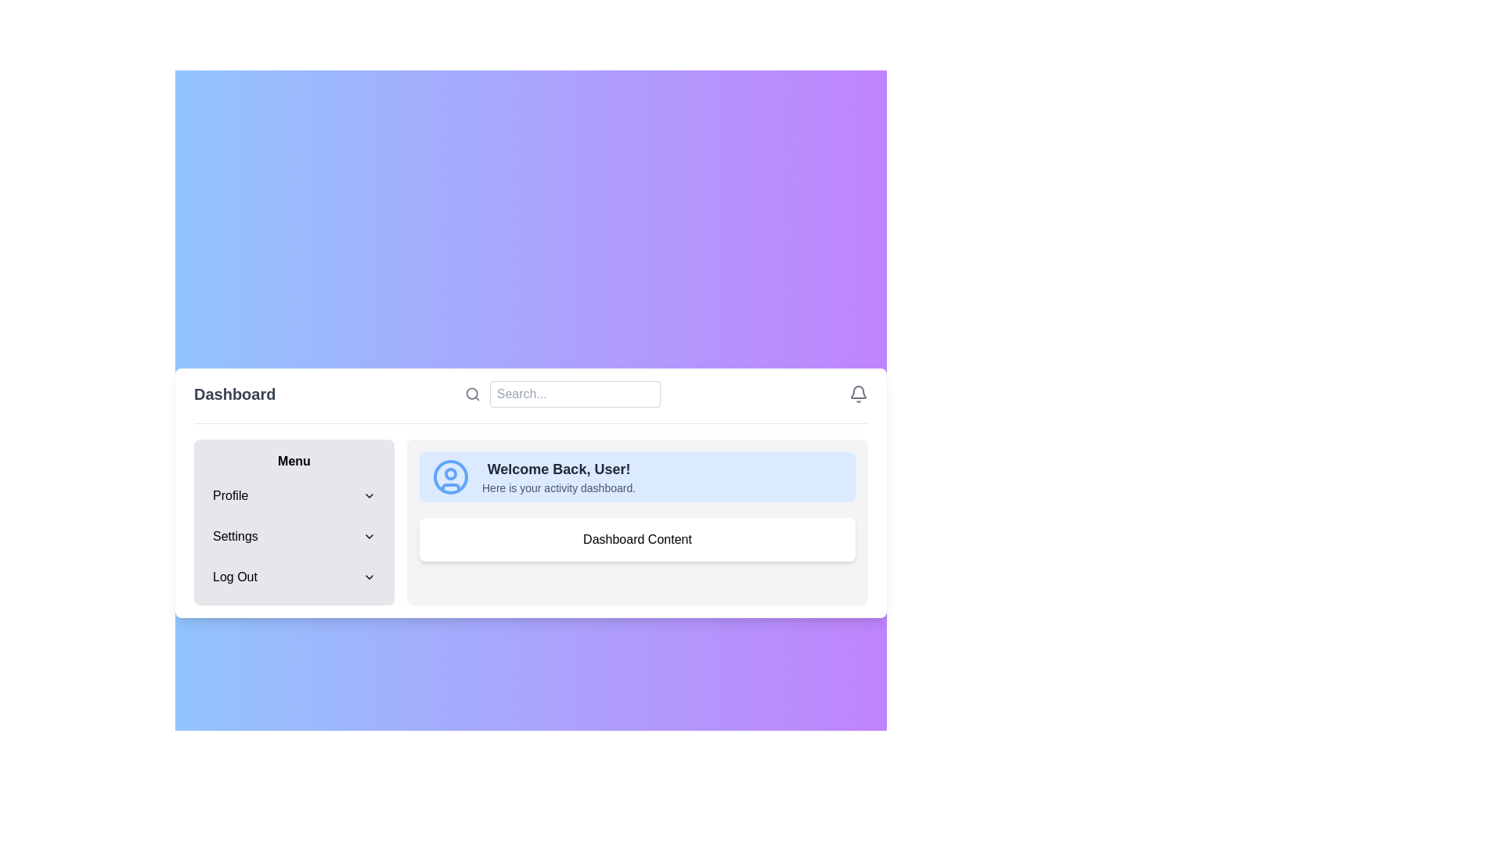 The height and width of the screenshot is (845, 1503). What do you see at coordinates (450, 476) in the screenshot?
I see `the user icon styled as a circular avatar, which is blue and serves as a profile representation indicator, located to the left of the text 'Welcome Back, User!'` at bounding box center [450, 476].